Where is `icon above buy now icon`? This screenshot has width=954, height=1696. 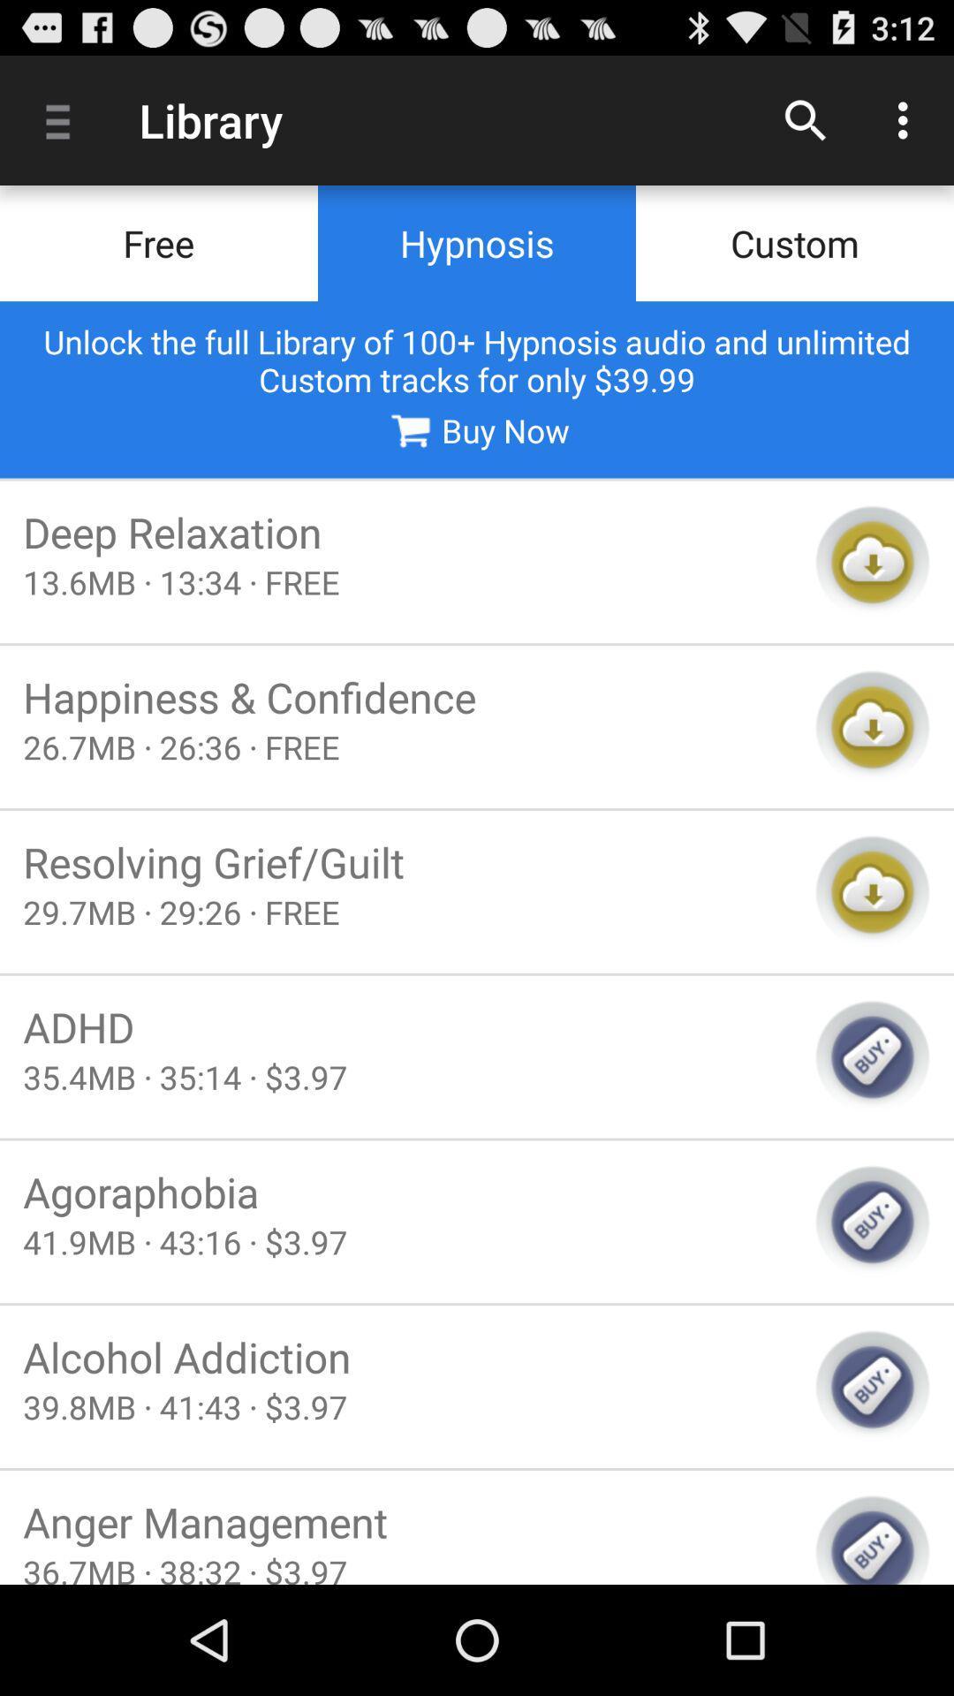
icon above buy now icon is located at coordinates (477, 360).